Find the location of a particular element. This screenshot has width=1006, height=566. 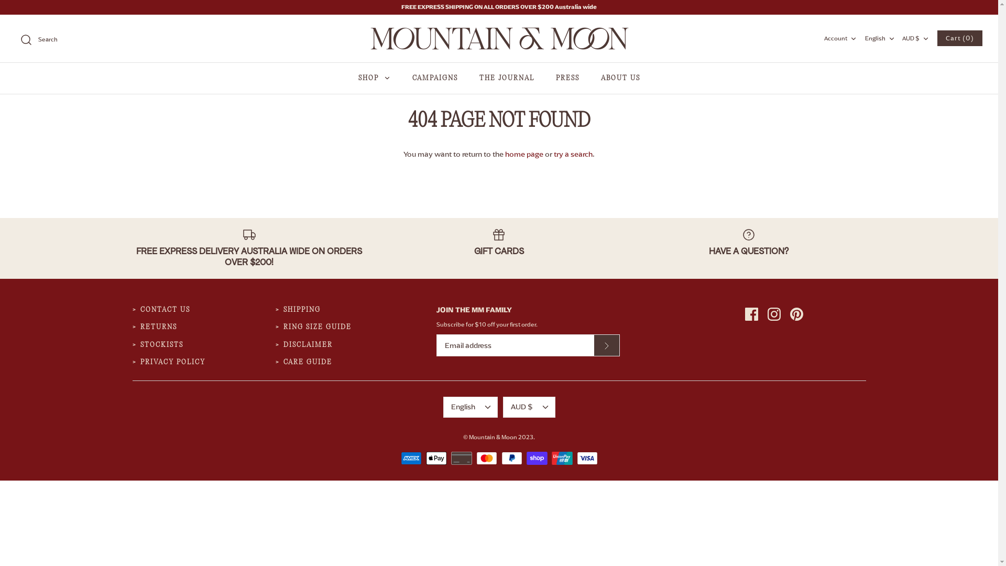

'CONTACT US' is located at coordinates (165, 309).